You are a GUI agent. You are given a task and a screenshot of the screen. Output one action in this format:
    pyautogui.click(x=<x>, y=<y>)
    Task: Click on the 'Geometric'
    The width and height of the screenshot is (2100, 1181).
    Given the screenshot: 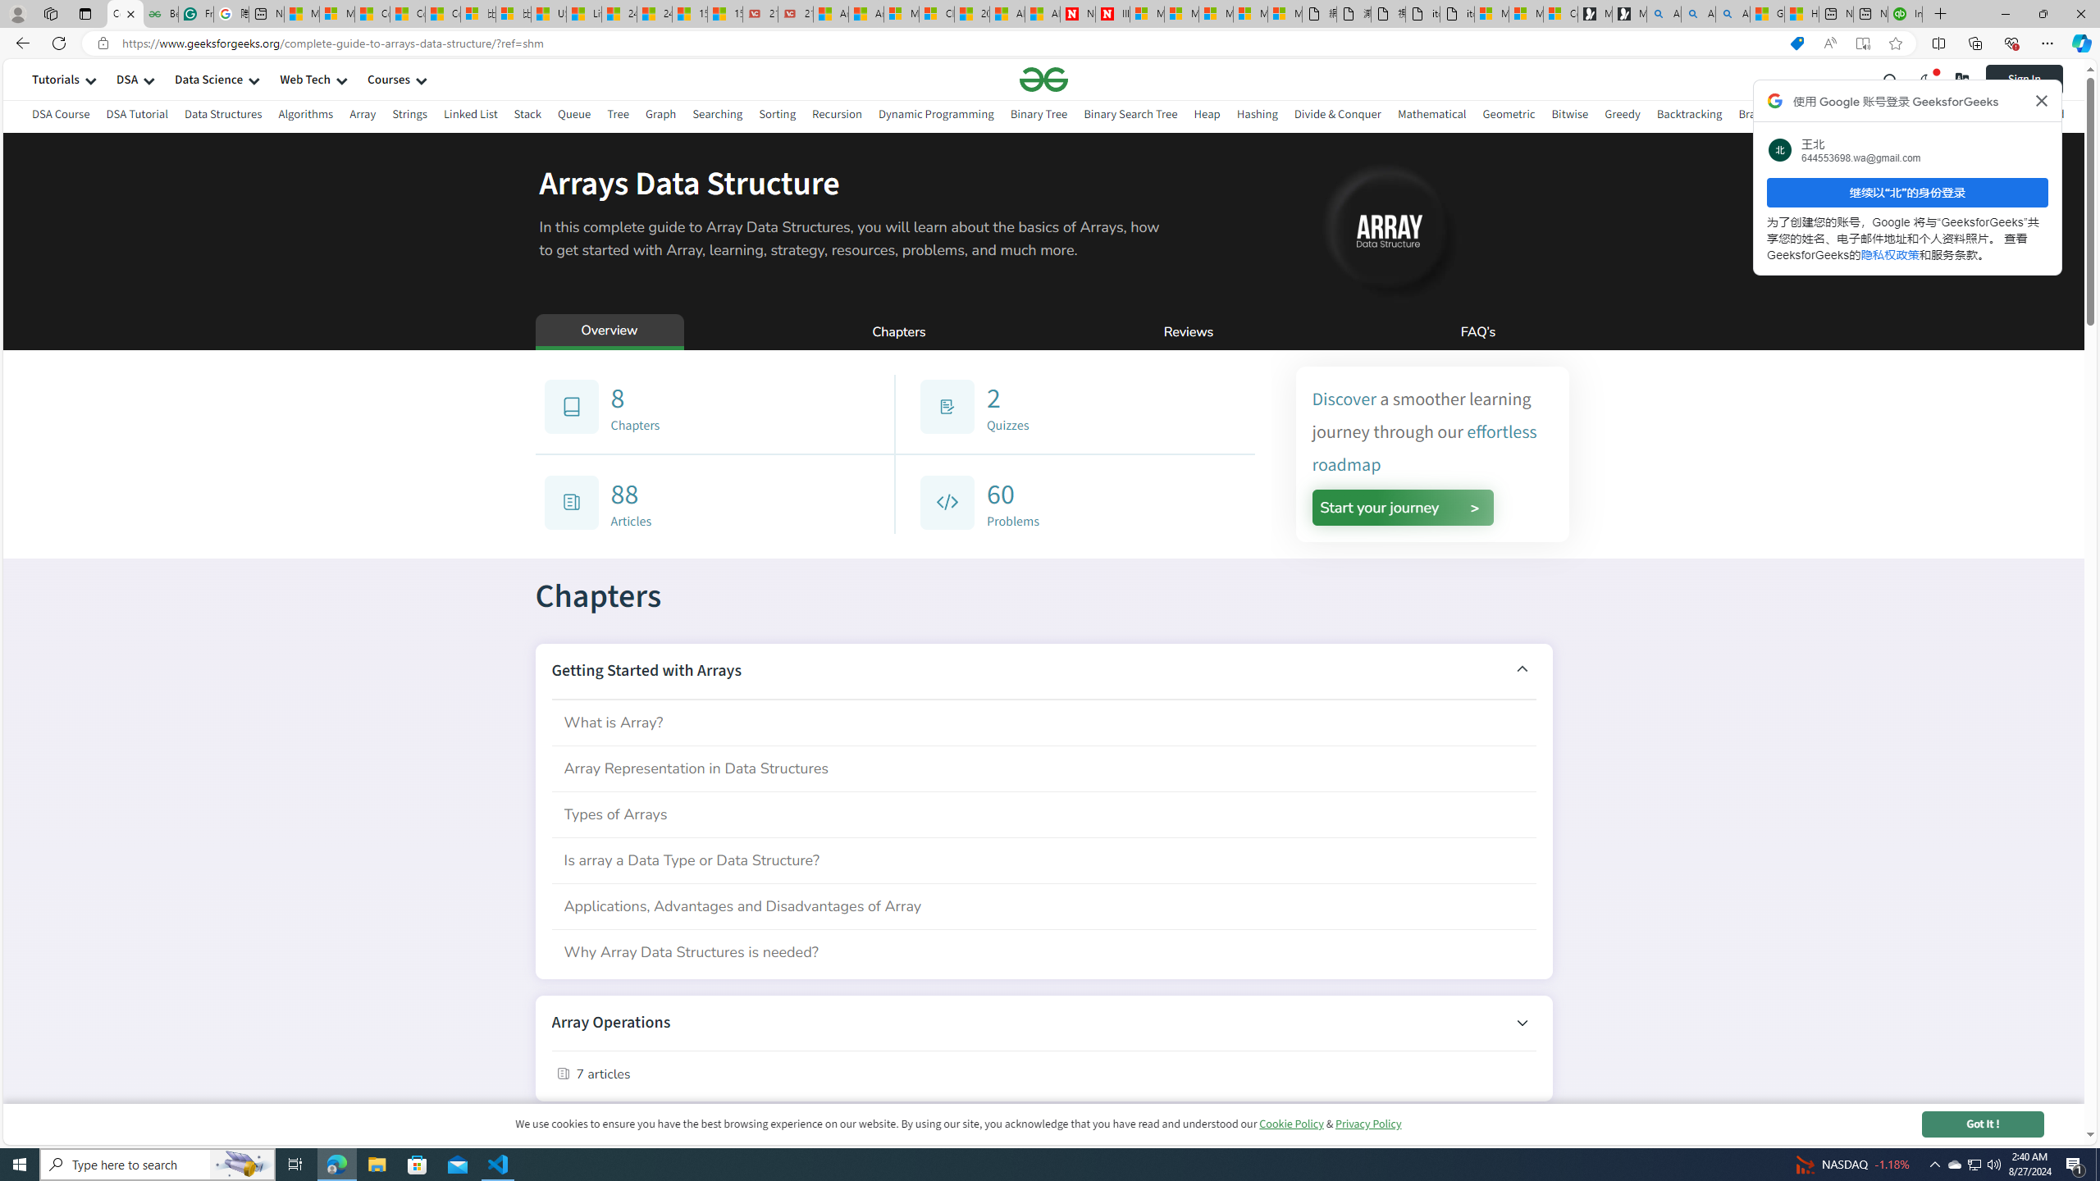 What is the action you would take?
    pyautogui.click(x=1508, y=113)
    